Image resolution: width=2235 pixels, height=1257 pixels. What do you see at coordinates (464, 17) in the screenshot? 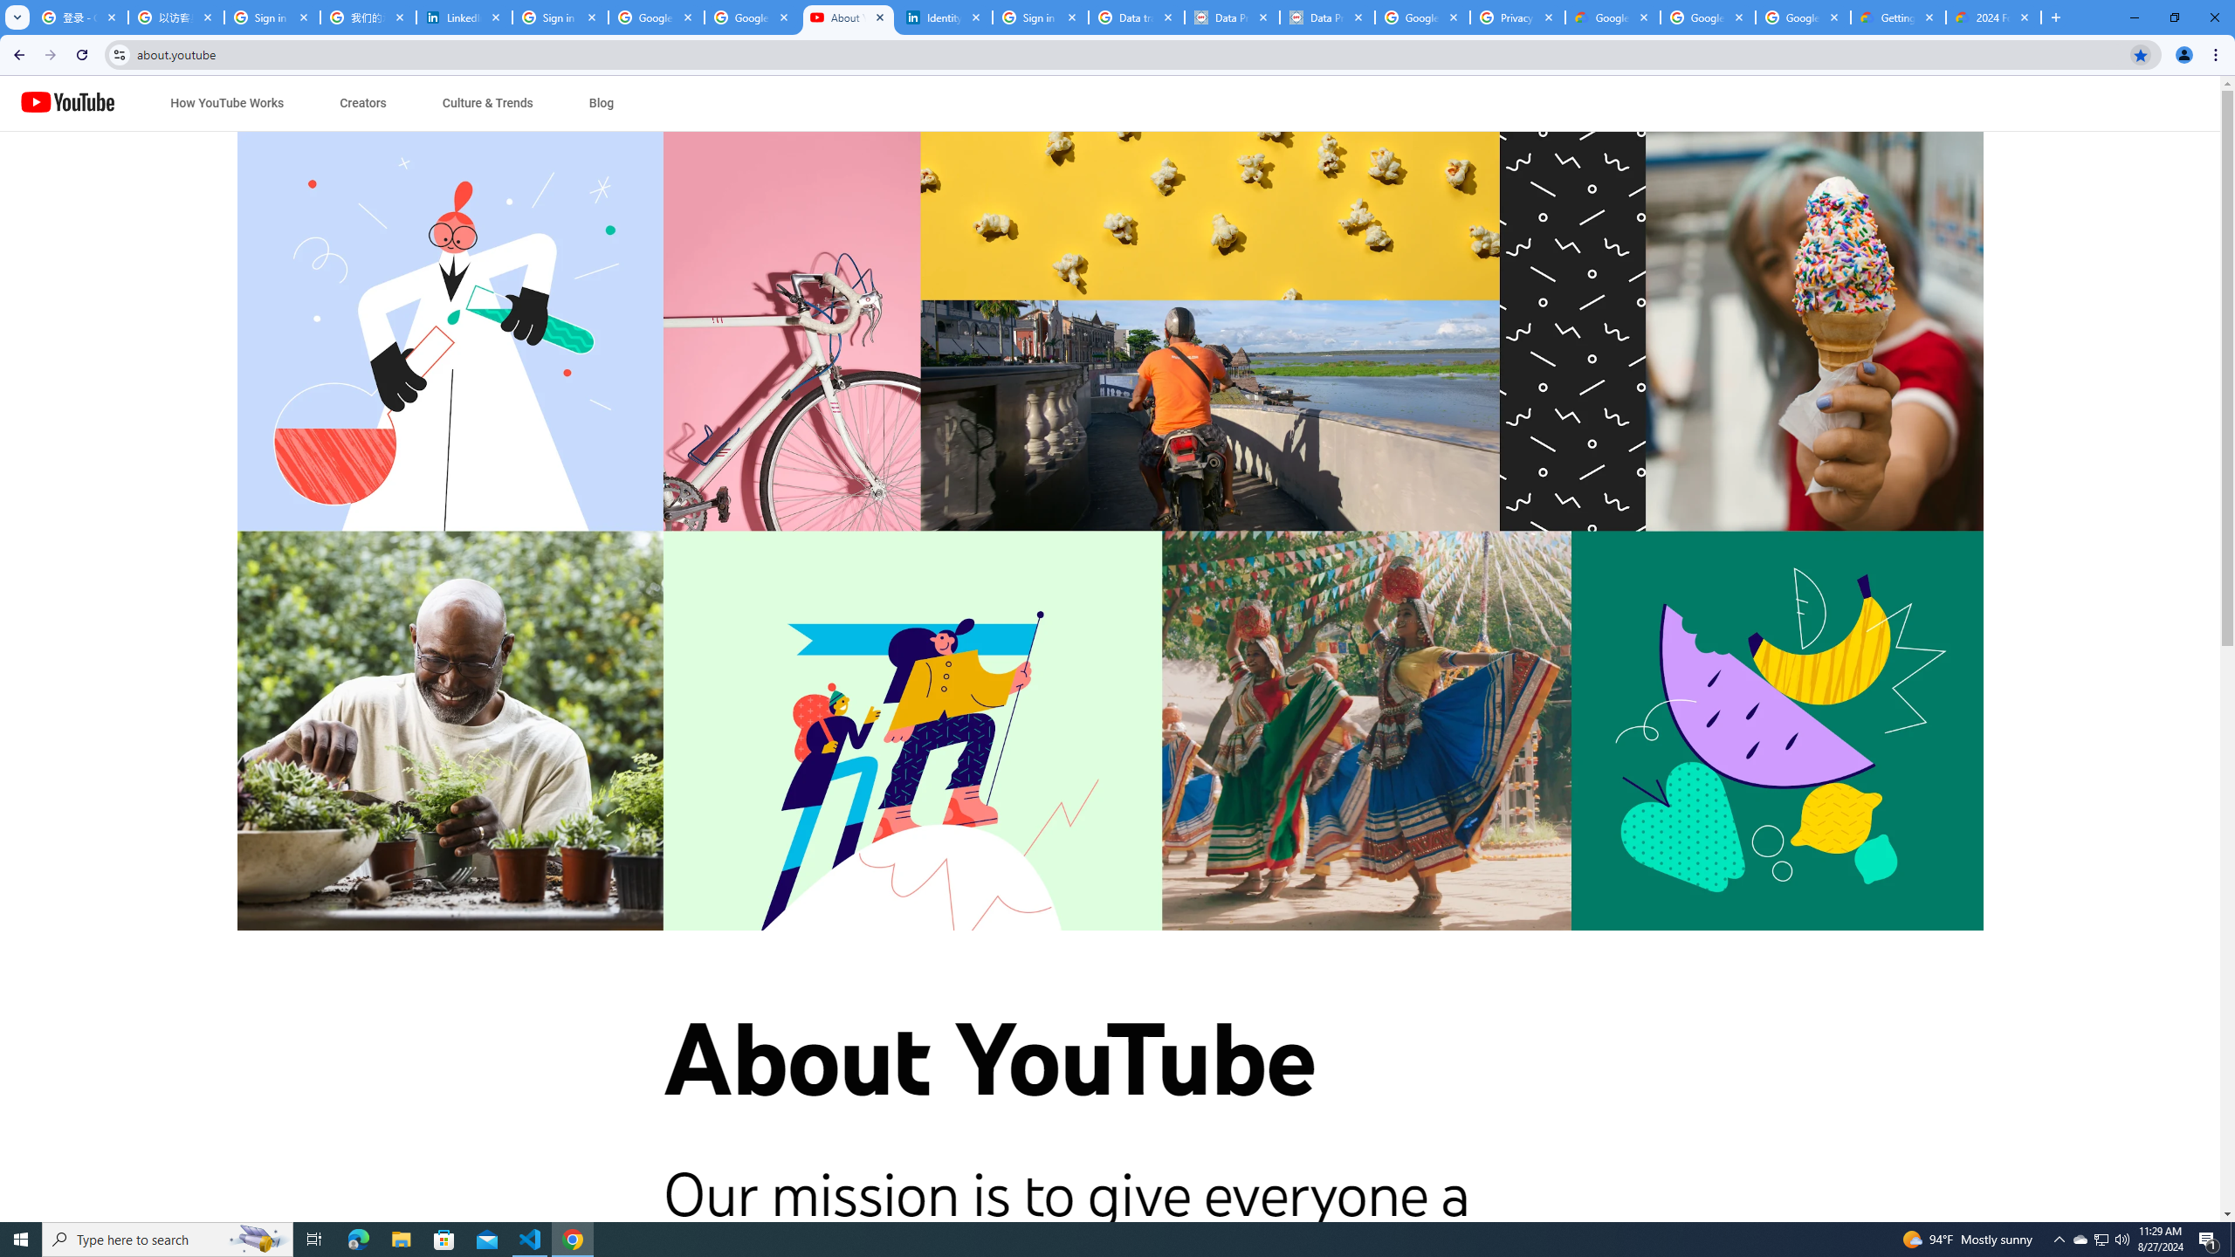
I see `'LinkedIn Privacy Policy'` at bounding box center [464, 17].